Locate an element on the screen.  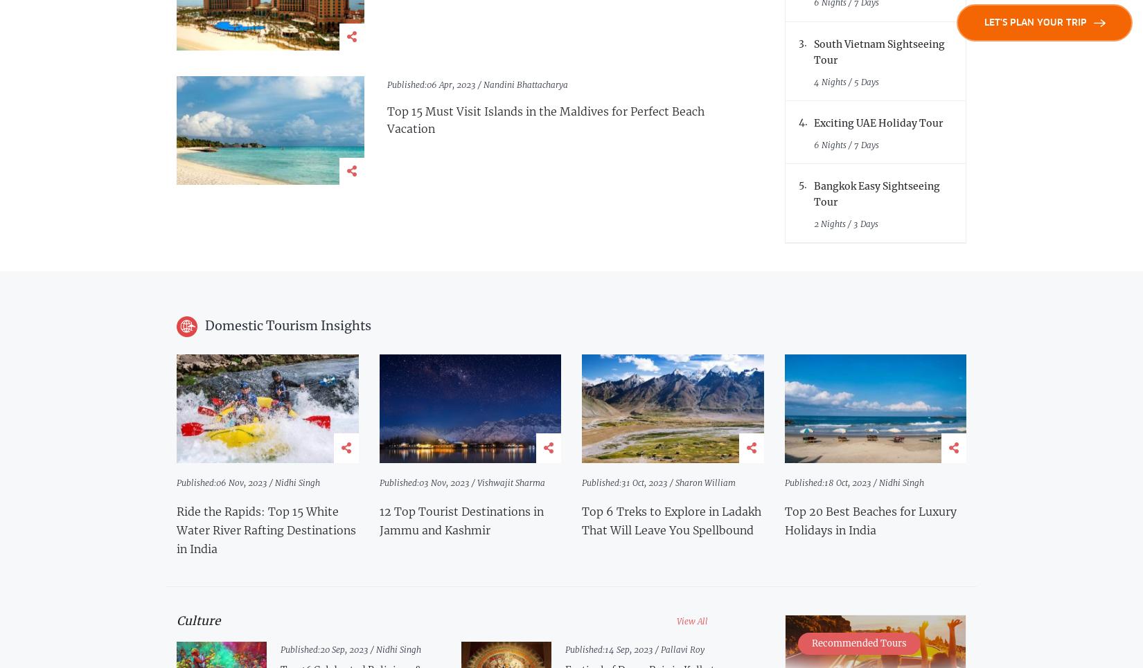
'6 Nights / 7 Days' is located at coordinates (813, 144).